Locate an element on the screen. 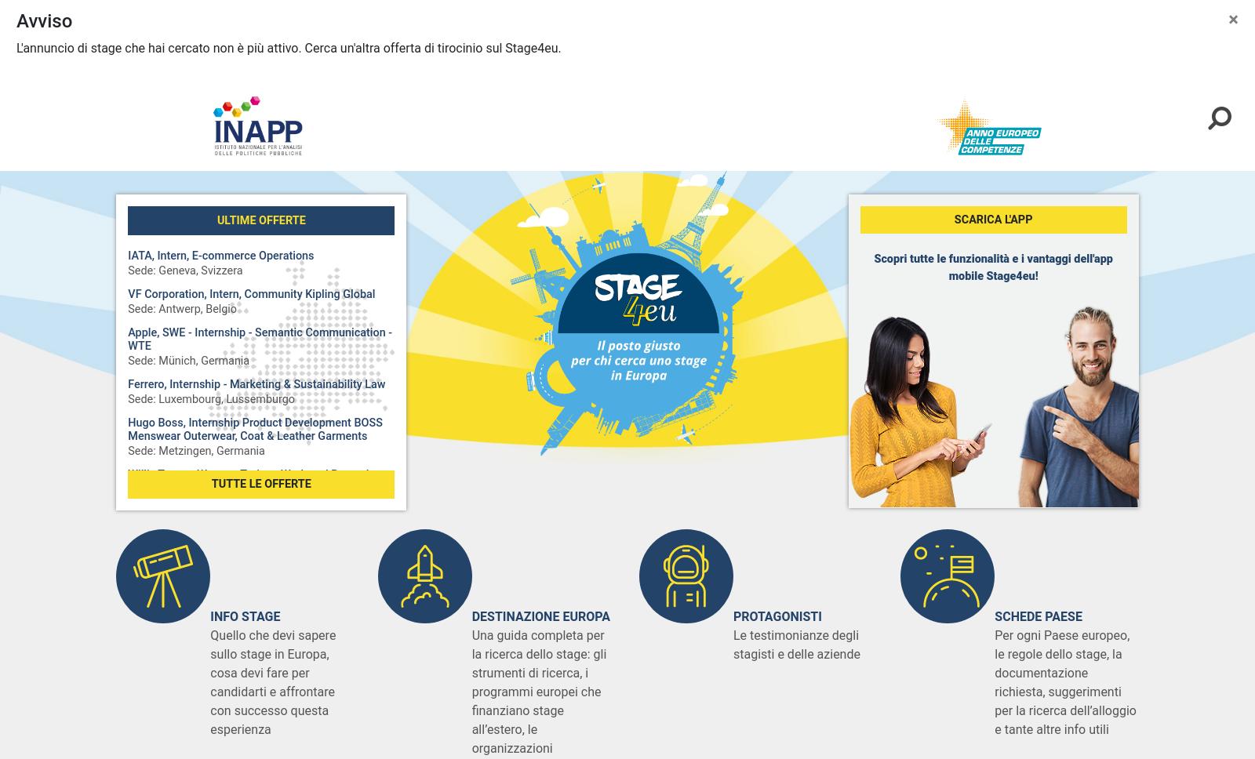  'Per ogni Paese europeo, le regole dello stage, la documentazione richiesta, suggerimenti per la ricerca dell’alloggio e tante altre info utili' is located at coordinates (1064, 681).